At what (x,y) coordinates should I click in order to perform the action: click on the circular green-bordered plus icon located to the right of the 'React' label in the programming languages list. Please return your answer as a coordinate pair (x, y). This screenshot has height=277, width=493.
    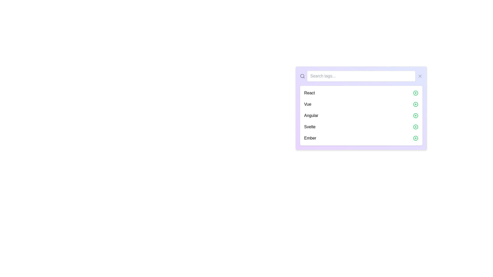
    Looking at the image, I should click on (415, 93).